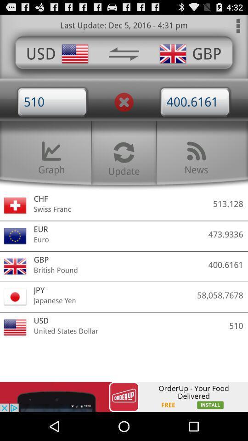 The height and width of the screenshot is (441, 248). What do you see at coordinates (124, 102) in the screenshot?
I see `close` at bounding box center [124, 102].